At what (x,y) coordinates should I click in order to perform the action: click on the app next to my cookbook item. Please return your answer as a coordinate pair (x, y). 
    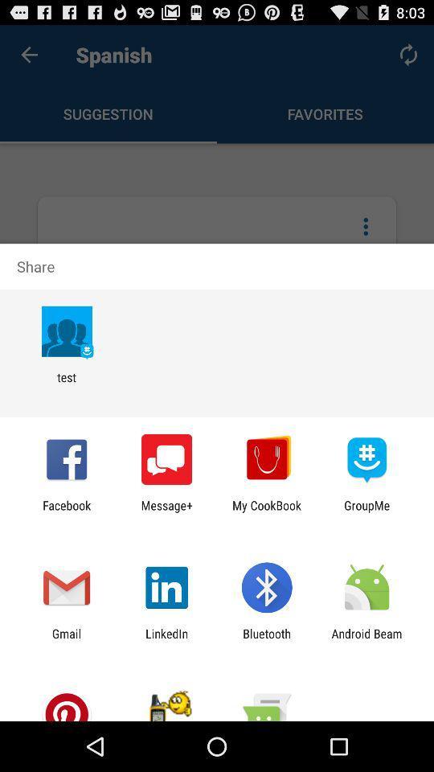
    Looking at the image, I should click on (166, 511).